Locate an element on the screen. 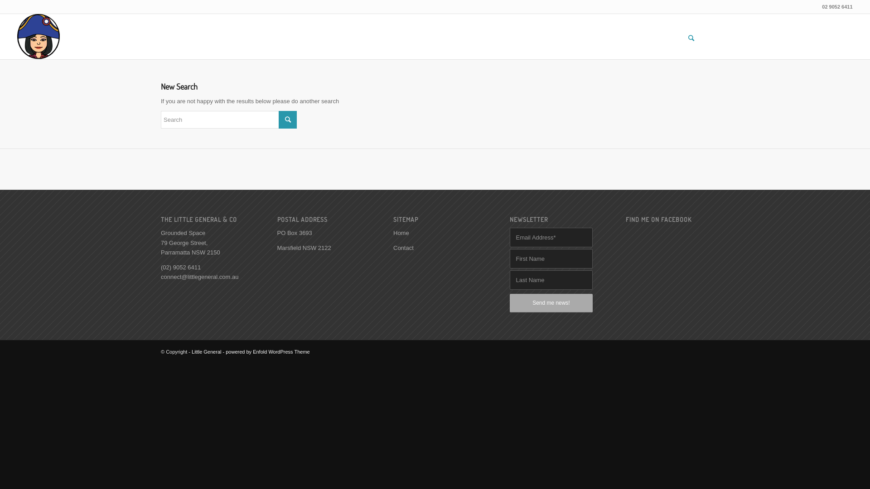 The height and width of the screenshot is (489, 870). 'Products' is located at coordinates (735, 22).